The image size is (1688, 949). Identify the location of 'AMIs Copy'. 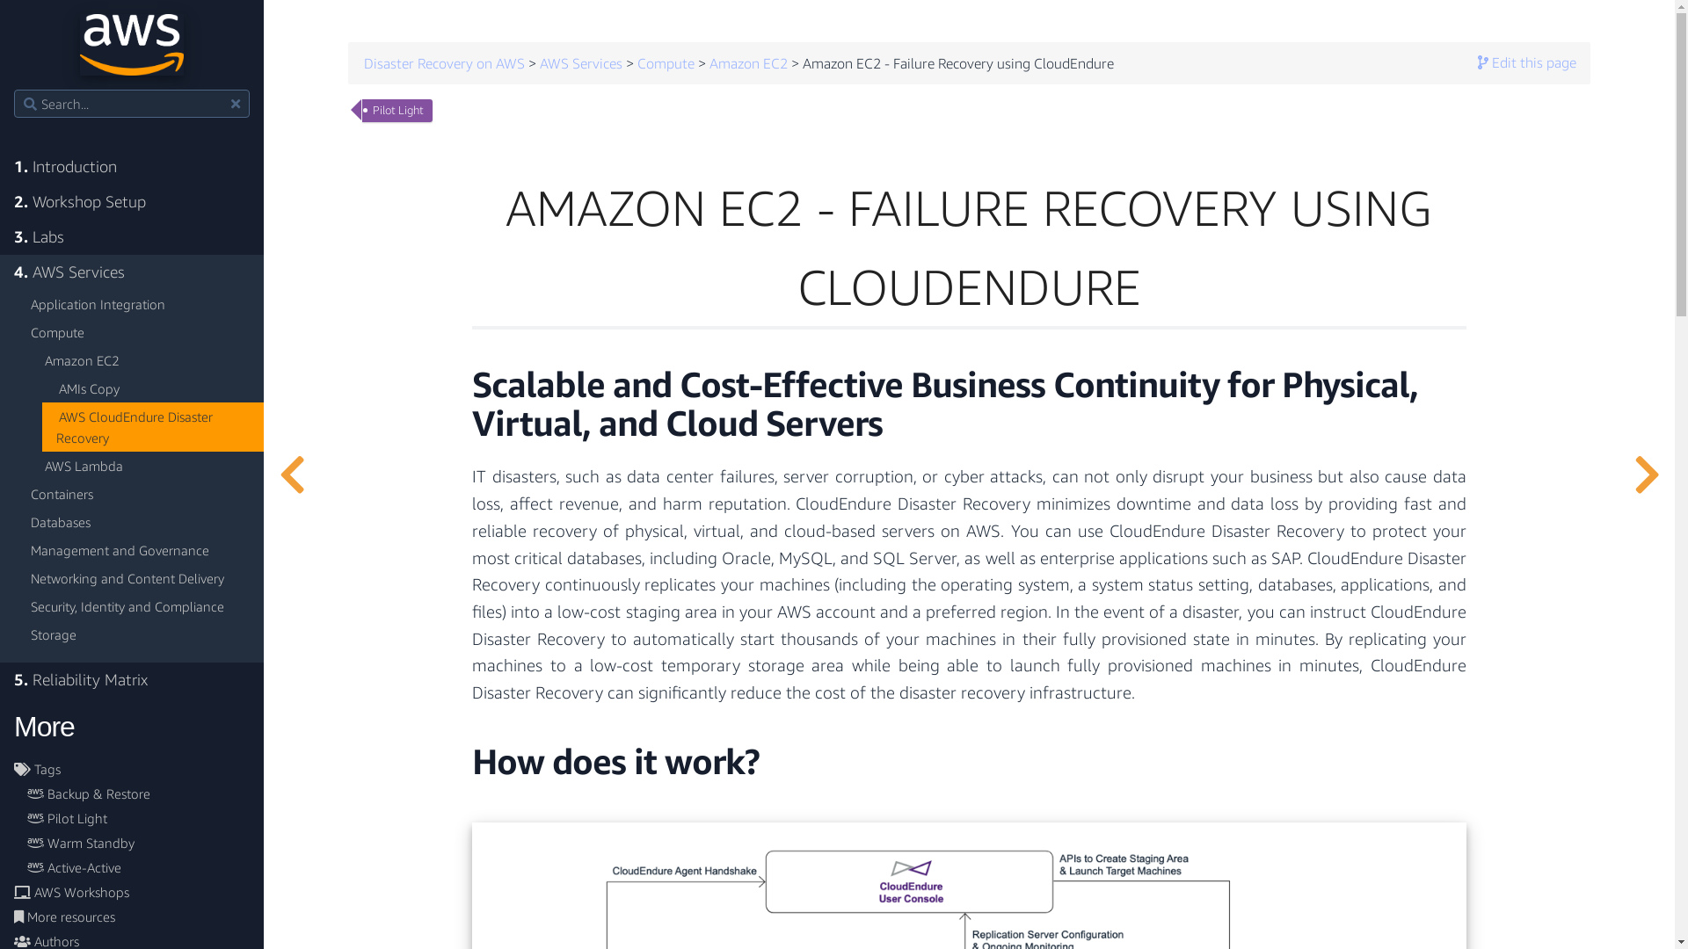
(152, 388).